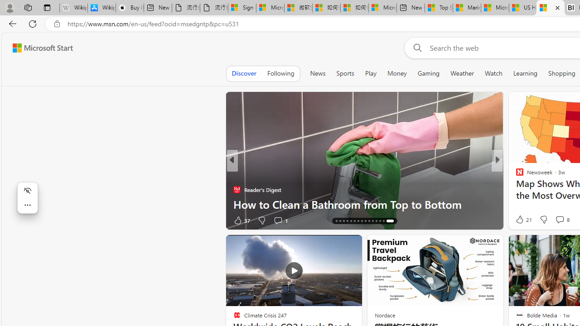 This screenshot has width=580, height=326. I want to click on 'Play', so click(370, 73).